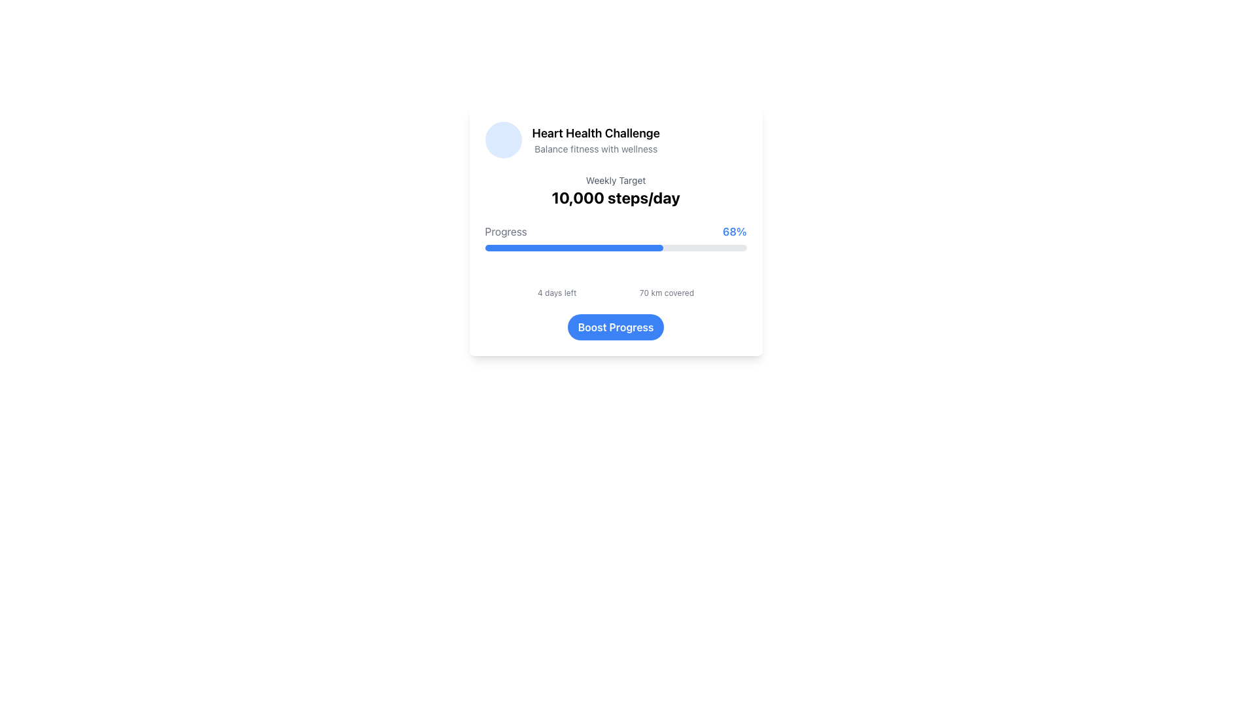 This screenshot has height=707, width=1256. What do you see at coordinates (615, 327) in the screenshot?
I see `the button with rounded corners, blue background, and white text reading 'Boost Progress'` at bounding box center [615, 327].